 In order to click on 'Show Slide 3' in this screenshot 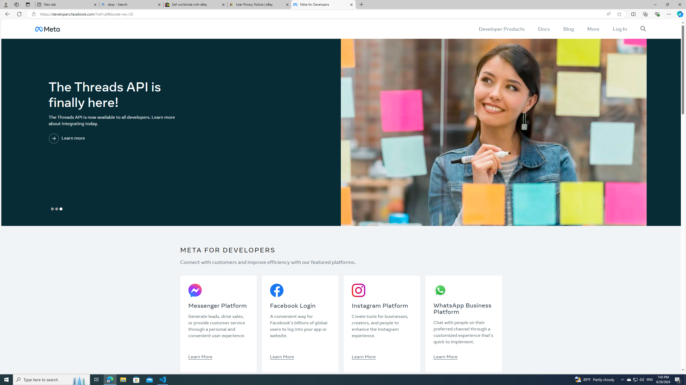, I will do `click(60, 209)`.